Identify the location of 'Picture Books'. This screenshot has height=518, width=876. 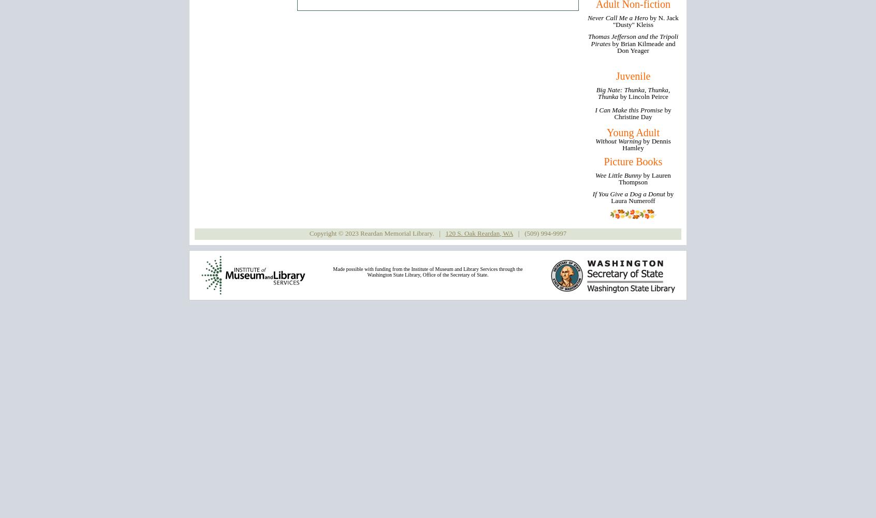
(633, 161).